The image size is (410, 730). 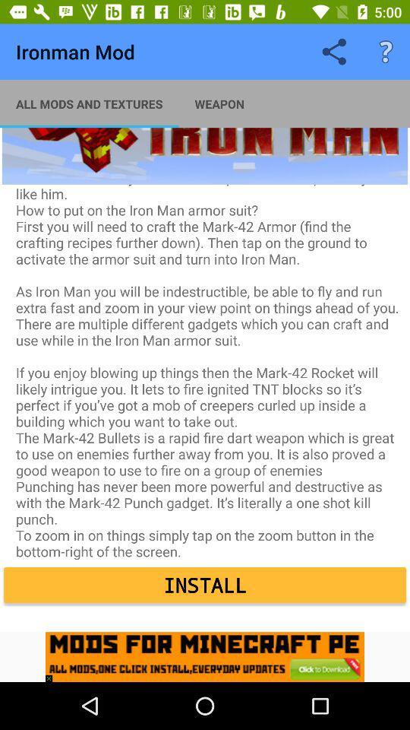 I want to click on the item above the the iron man, so click(x=89, y=103).